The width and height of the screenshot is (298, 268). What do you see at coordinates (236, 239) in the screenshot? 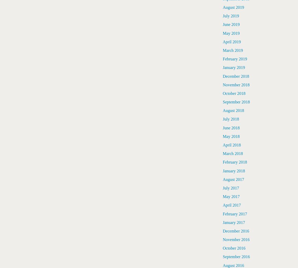
I see `'November 2016'` at bounding box center [236, 239].